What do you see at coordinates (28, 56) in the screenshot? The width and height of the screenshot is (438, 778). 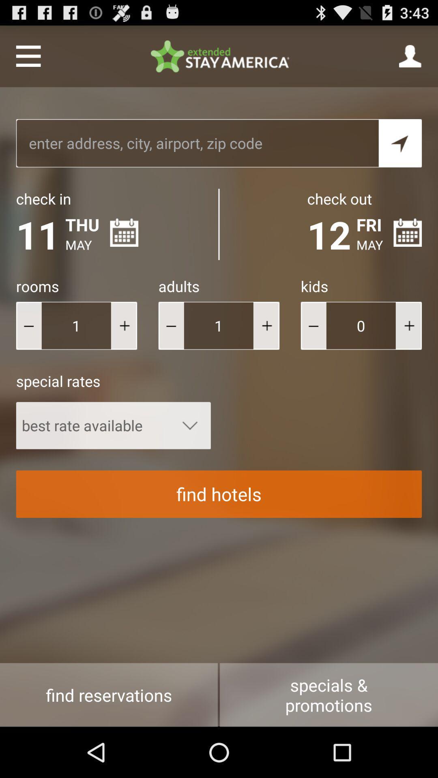 I see `menu` at bounding box center [28, 56].